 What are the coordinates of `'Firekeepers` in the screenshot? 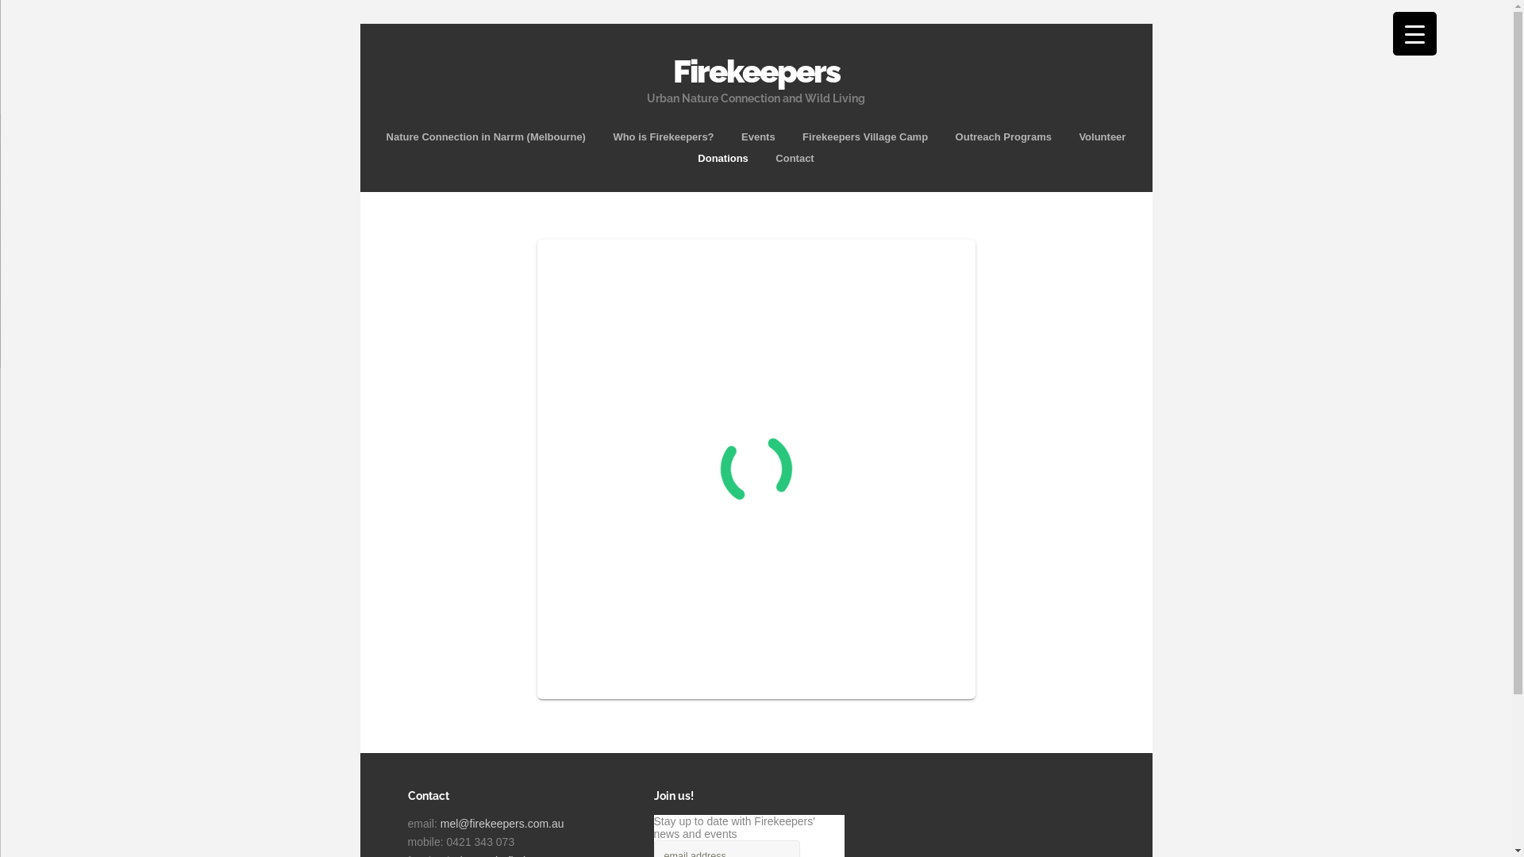 It's located at (756, 74).